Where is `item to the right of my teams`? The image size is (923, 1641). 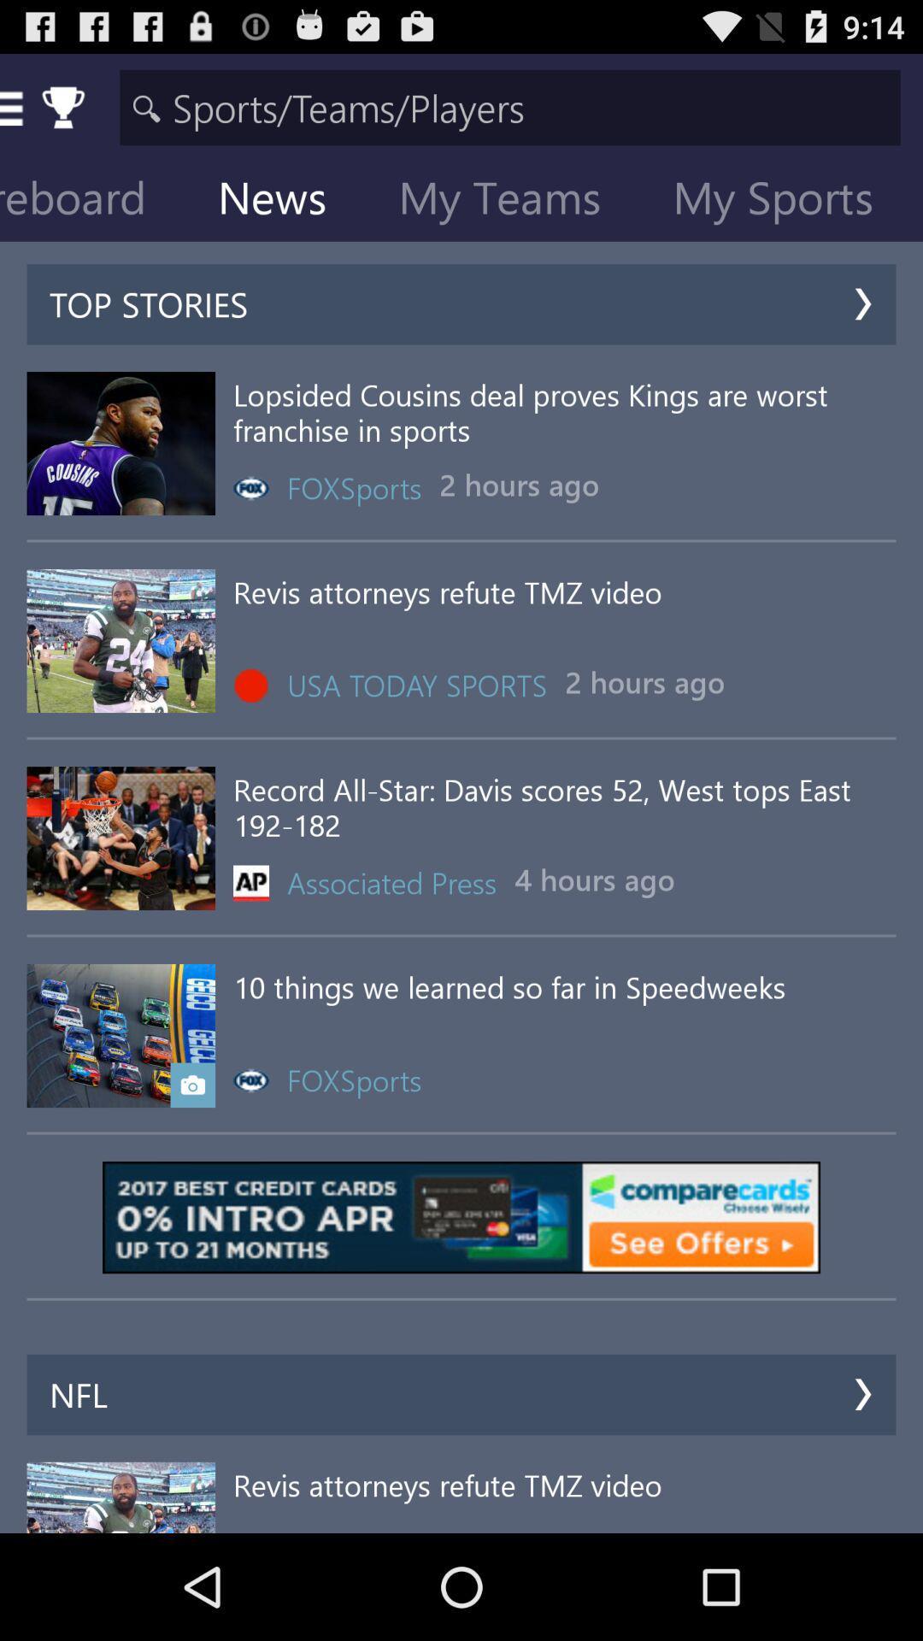 item to the right of my teams is located at coordinates (786, 201).